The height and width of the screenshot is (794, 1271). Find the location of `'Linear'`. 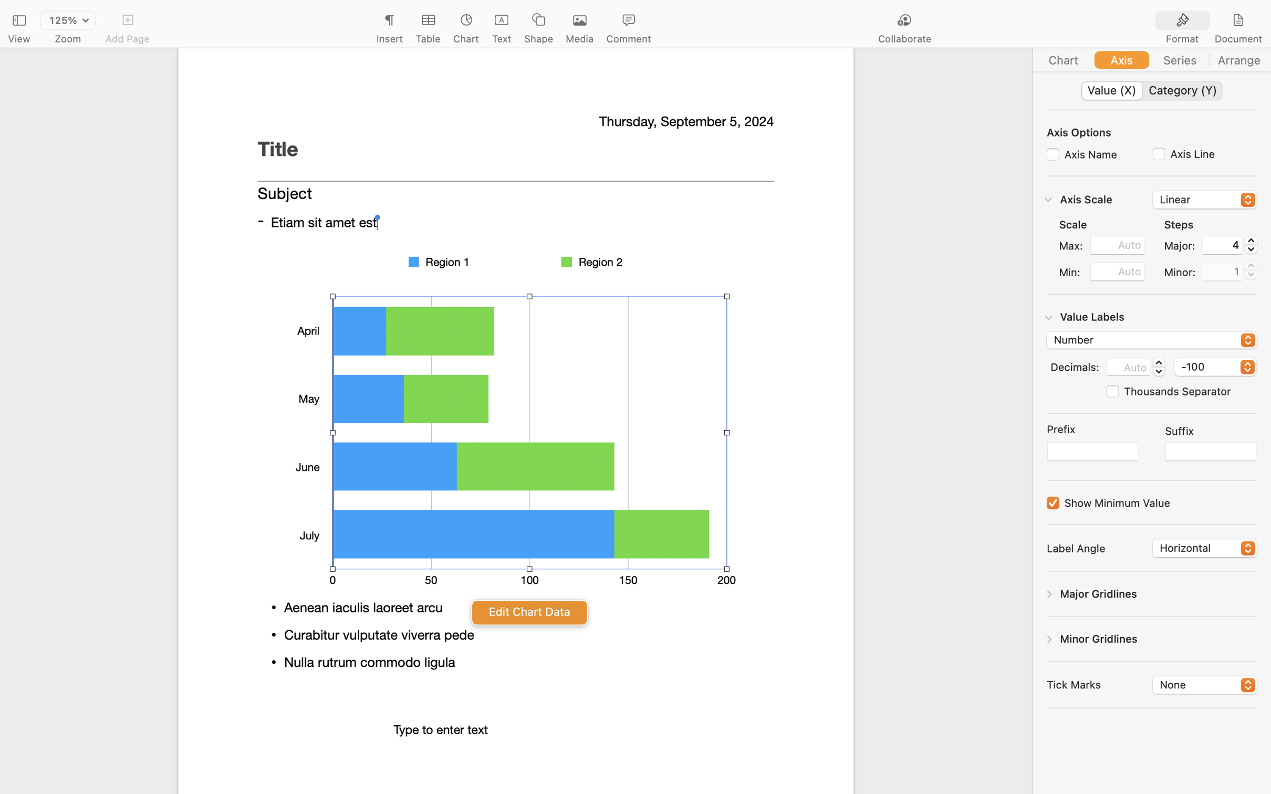

'Linear' is located at coordinates (1205, 201).